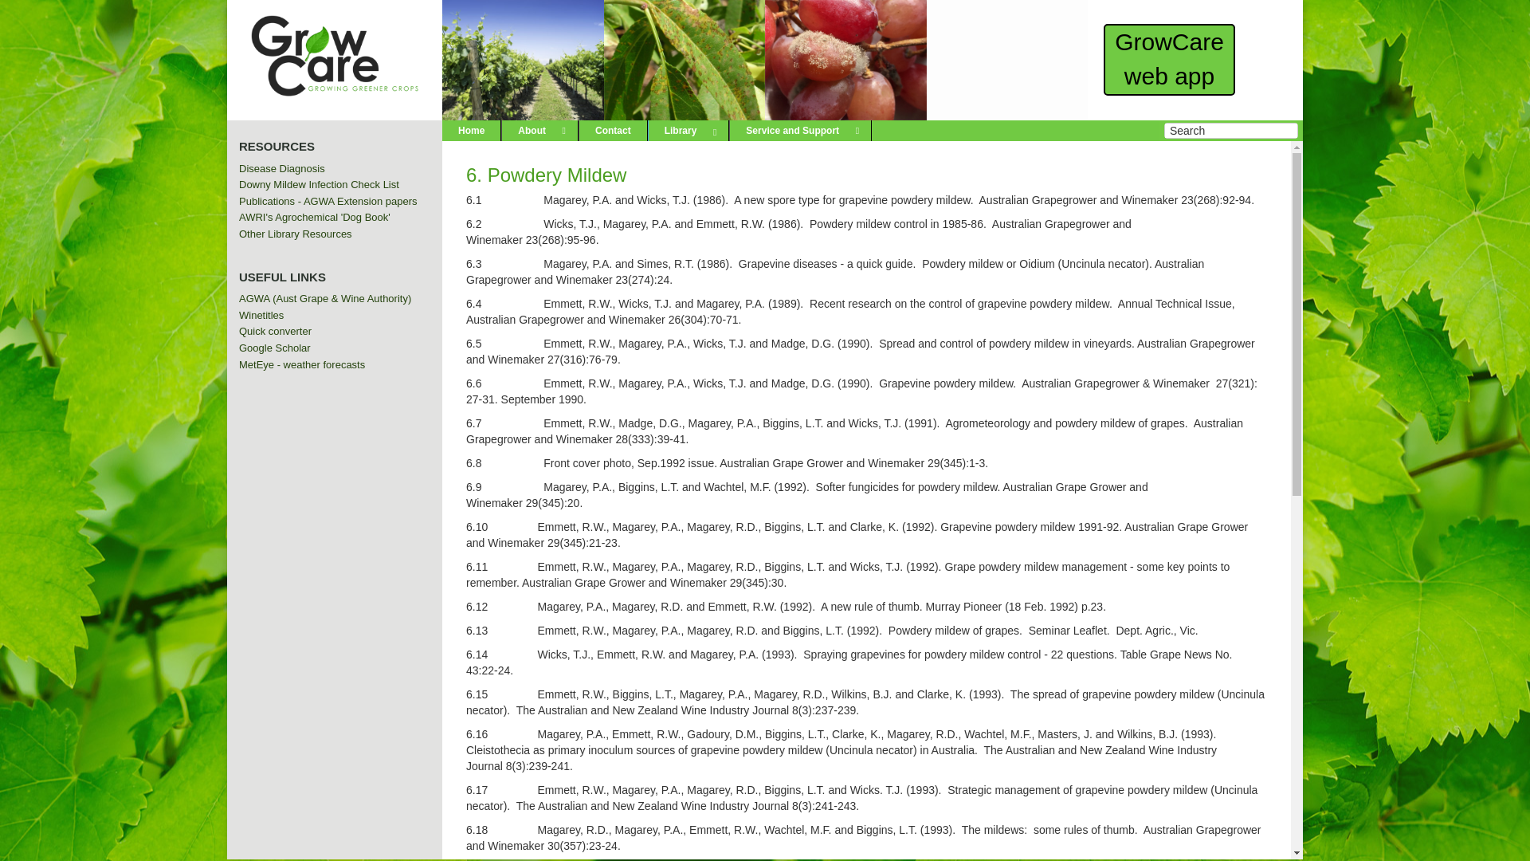 The height and width of the screenshot is (861, 1530). What do you see at coordinates (470, 130) in the screenshot?
I see `'Home'` at bounding box center [470, 130].